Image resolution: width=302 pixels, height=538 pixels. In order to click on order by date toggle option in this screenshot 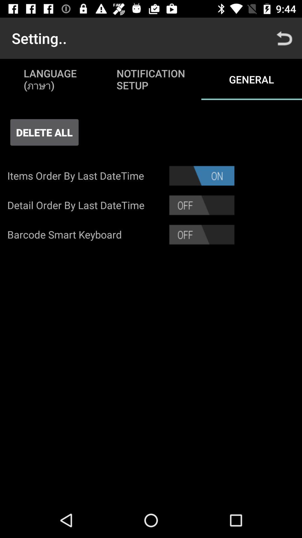, I will do `click(202, 205)`.